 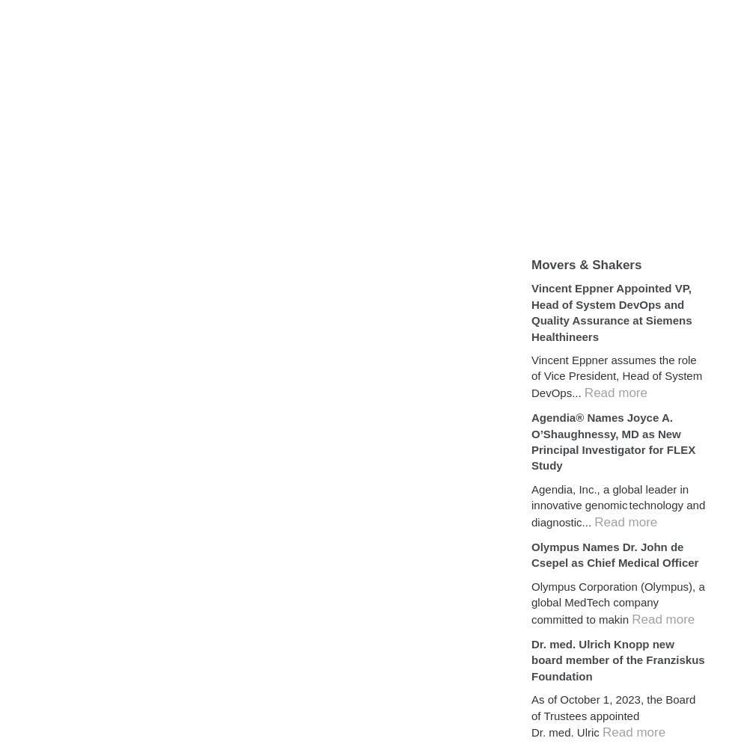 I want to click on 'Agendia® Names Joyce A. O’Shaughnessy, MD as New Principal Investigator for FLEX Study', so click(x=613, y=440).